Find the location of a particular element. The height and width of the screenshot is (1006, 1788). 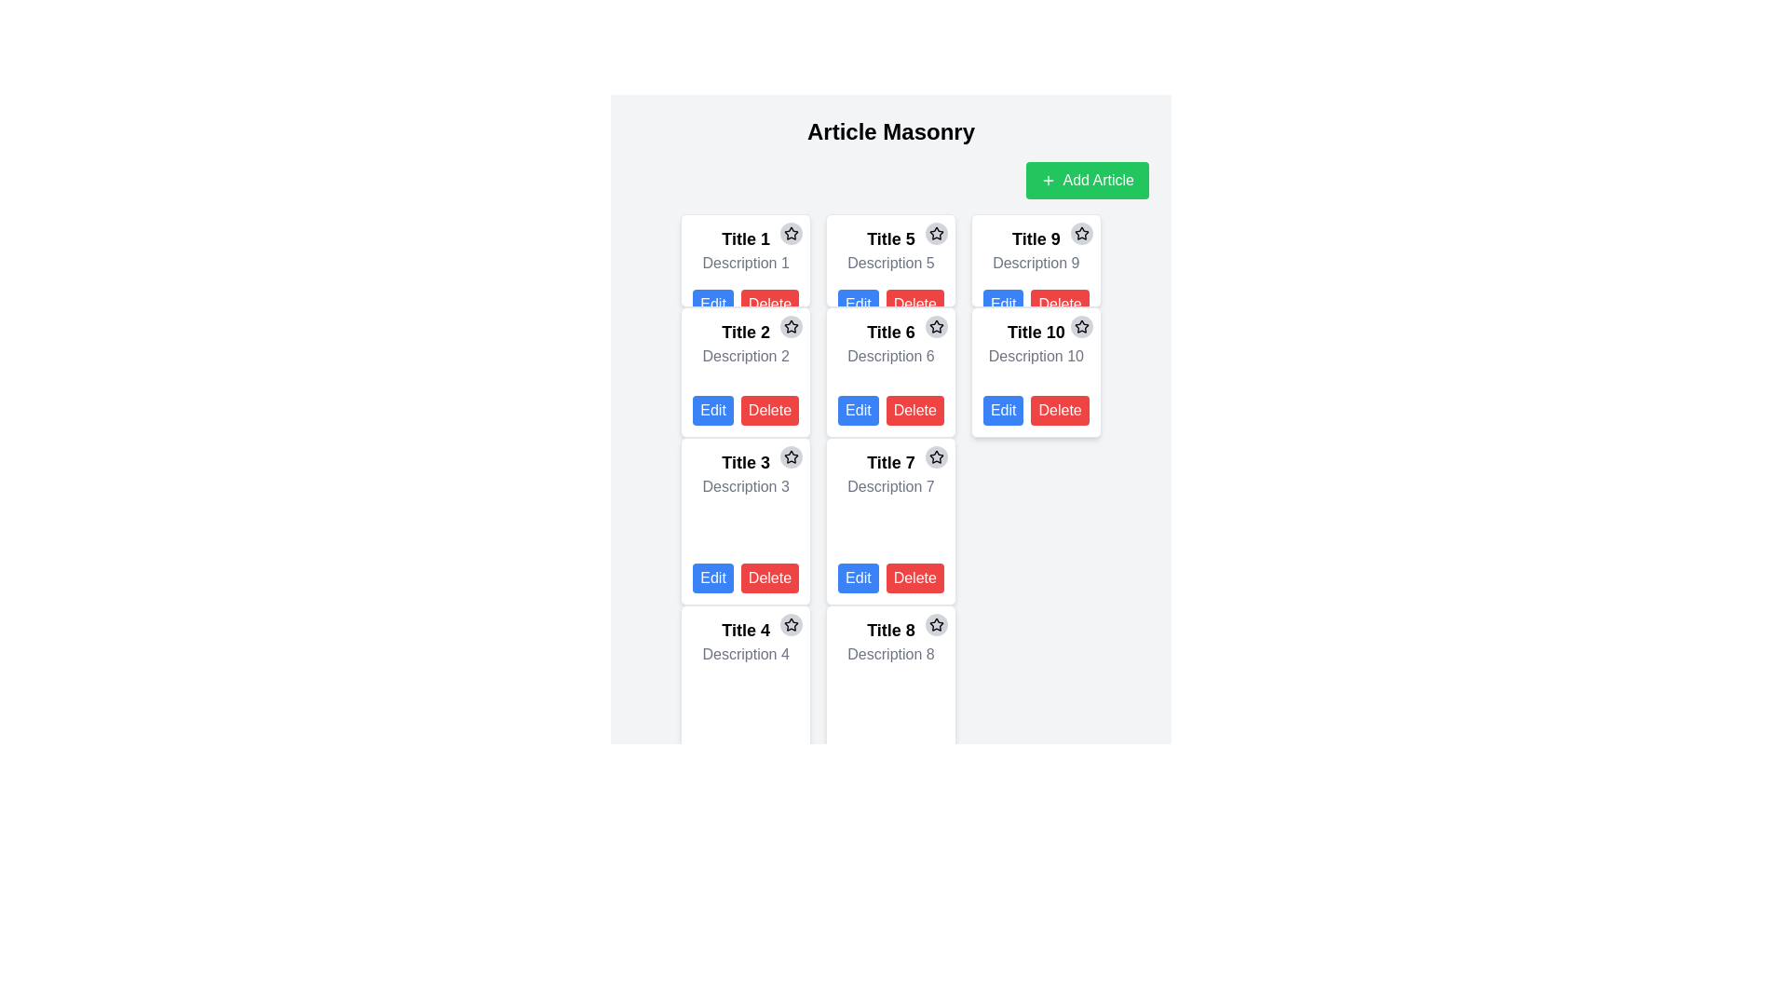

the 'Delete' button located in the bottom-right section of the card component is located at coordinates (769, 578).